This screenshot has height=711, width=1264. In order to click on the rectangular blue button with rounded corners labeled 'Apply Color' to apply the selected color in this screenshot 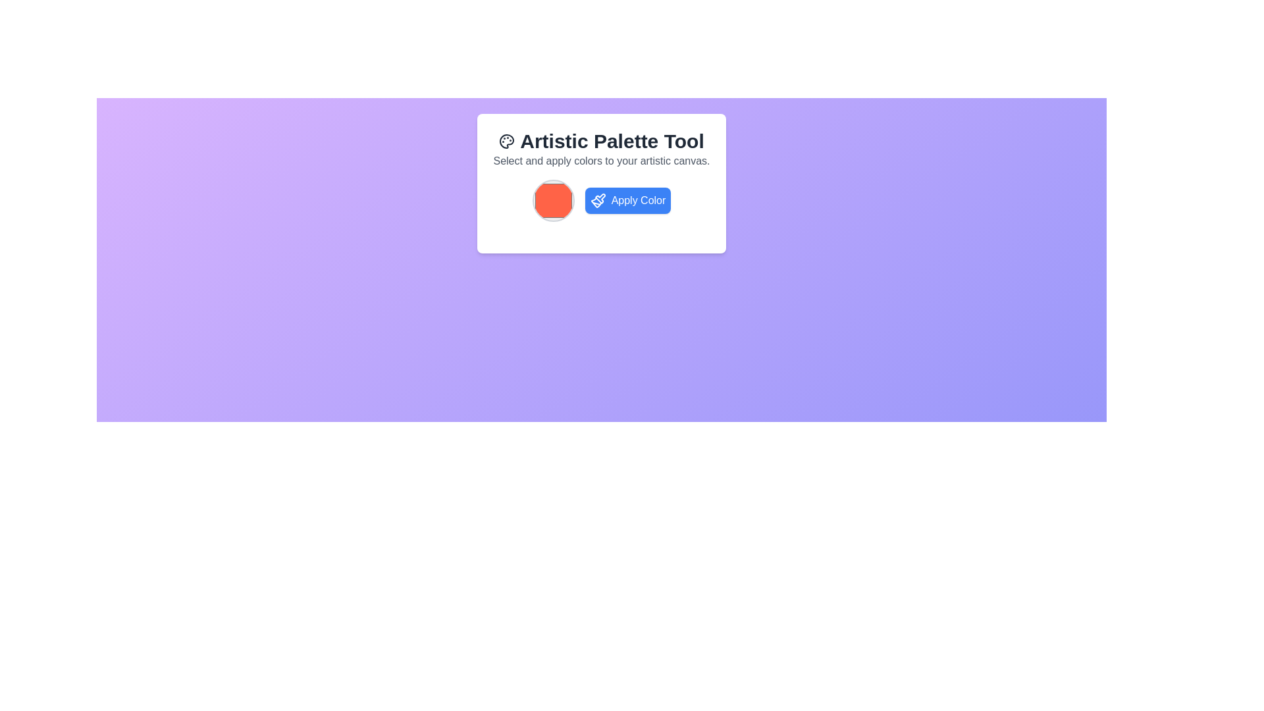, I will do `click(627, 200)`.